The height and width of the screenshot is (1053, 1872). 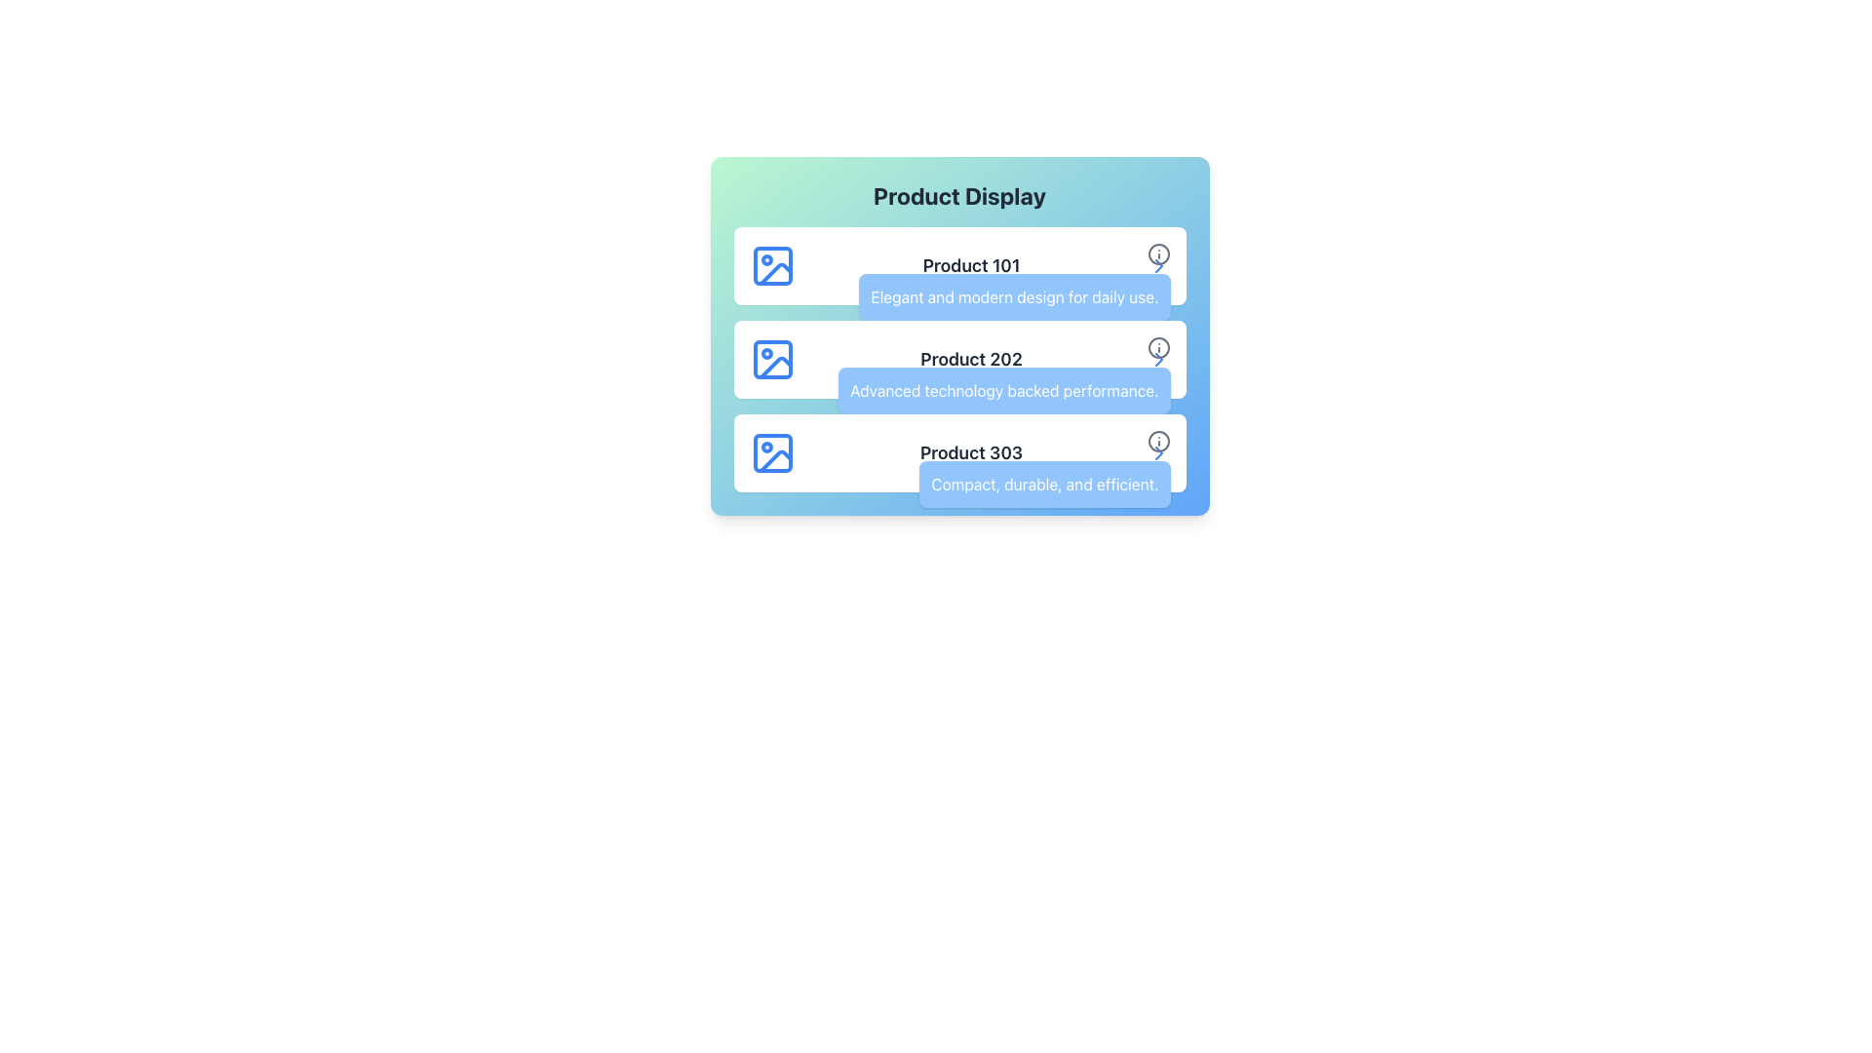 What do you see at coordinates (1158, 453) in the screenshot?
I see `the chevron arrow icon representing the third product's additional details in the Product Display list` at bounding box center [1158, 453].